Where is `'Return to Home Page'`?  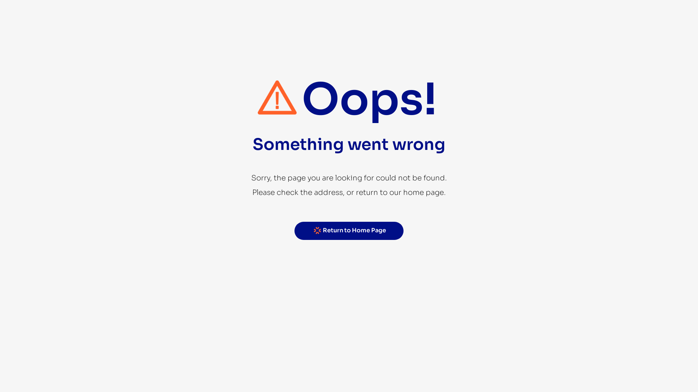 'Return to Home Page' is located at coordinates (349, 231).